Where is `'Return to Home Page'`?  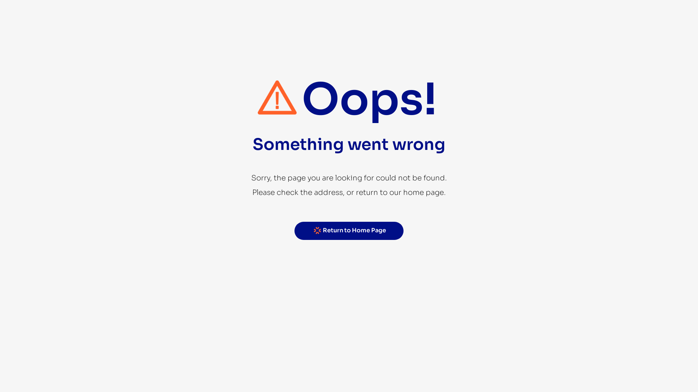 'Return to Home Page' is located at coordinates (349, 231).